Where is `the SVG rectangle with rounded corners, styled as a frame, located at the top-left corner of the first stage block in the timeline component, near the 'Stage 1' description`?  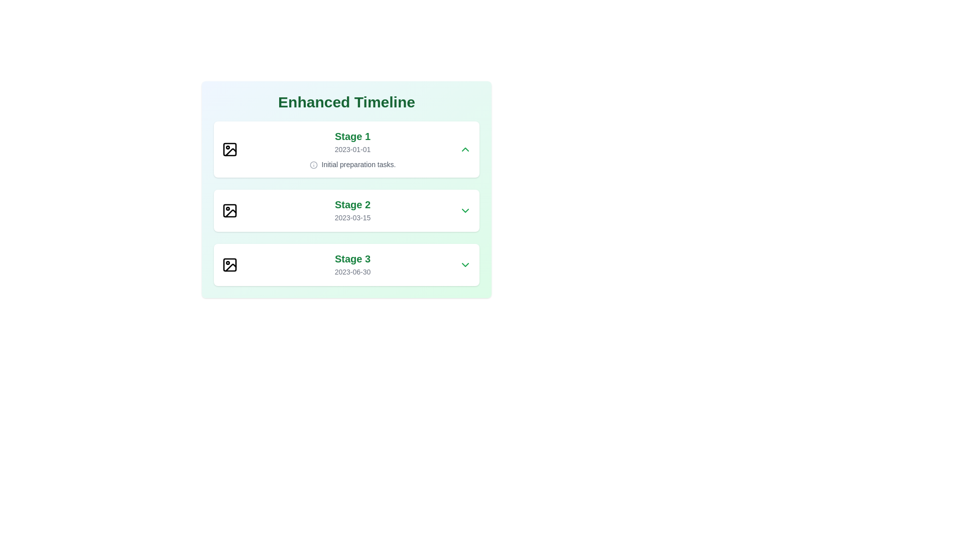
the SVG rectangle with rounded corners, styled as a frame, located at the top-left corner of the first stage block in the timeline component, near the 'Stage 1' description is located at coordinates (229, 149).